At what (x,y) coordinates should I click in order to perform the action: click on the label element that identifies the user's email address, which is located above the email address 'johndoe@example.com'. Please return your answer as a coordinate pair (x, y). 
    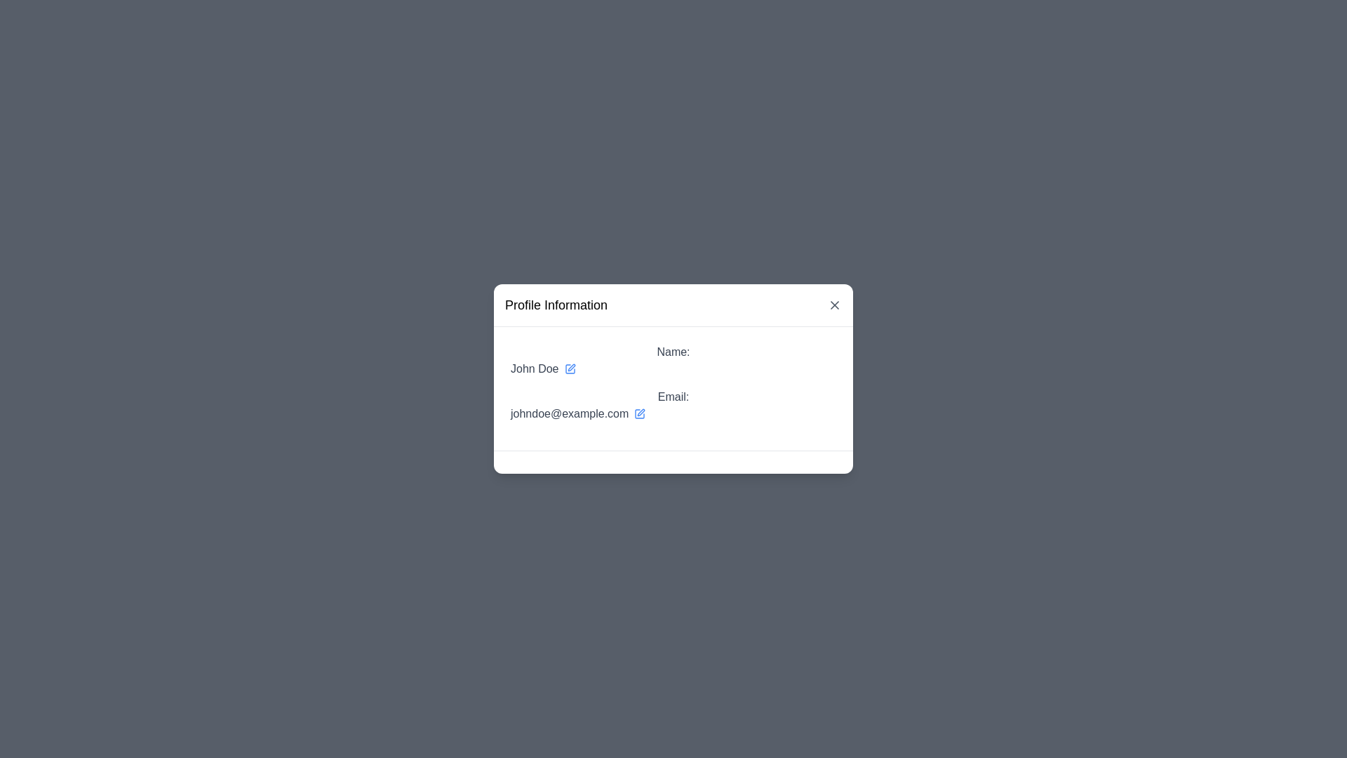
    Looking at the image, I should click on (673, 397).